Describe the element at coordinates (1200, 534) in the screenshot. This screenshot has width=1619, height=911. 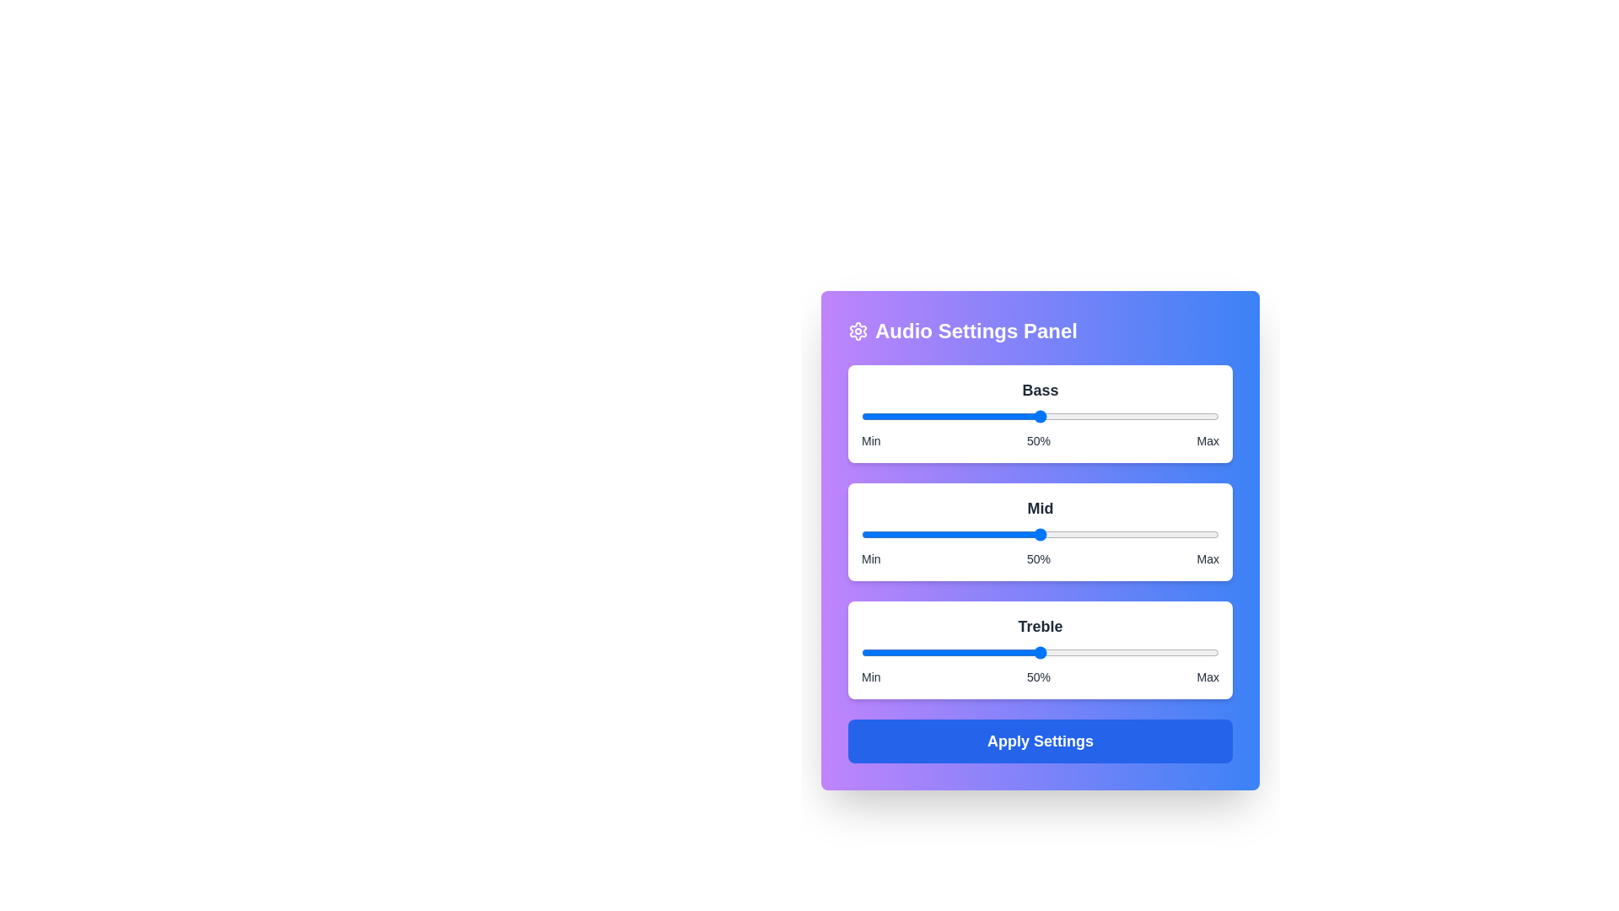
I see `slider` at that location.